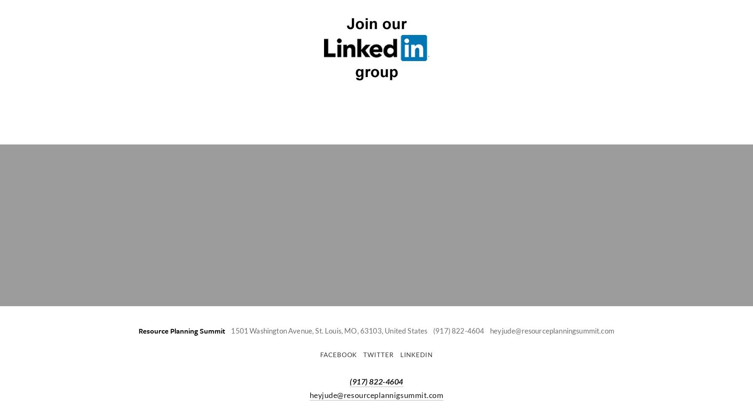 The height and width of the screenshot is (414, 753). I want to click on '1501 Washington Avenue,', so click(272, 330).